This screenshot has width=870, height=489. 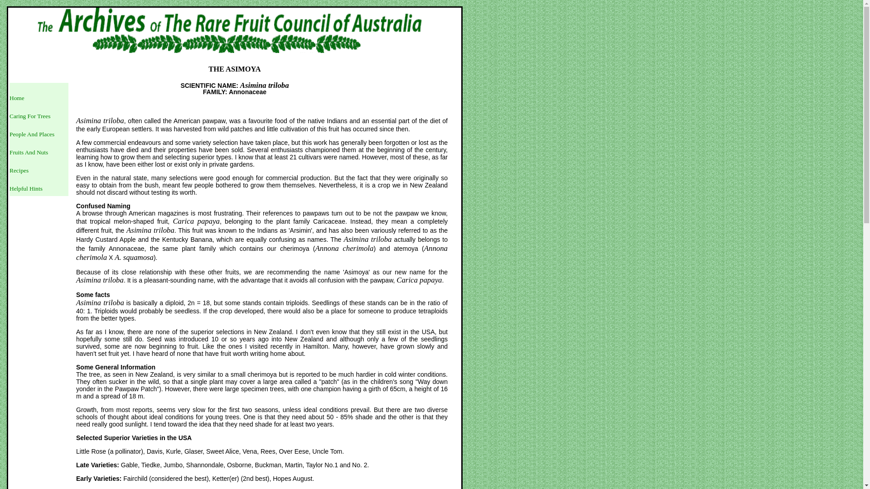 What do you see at coordinates (235, 32) in the screenshot?
I see `'sitename'` at bounding box center [235, 32].